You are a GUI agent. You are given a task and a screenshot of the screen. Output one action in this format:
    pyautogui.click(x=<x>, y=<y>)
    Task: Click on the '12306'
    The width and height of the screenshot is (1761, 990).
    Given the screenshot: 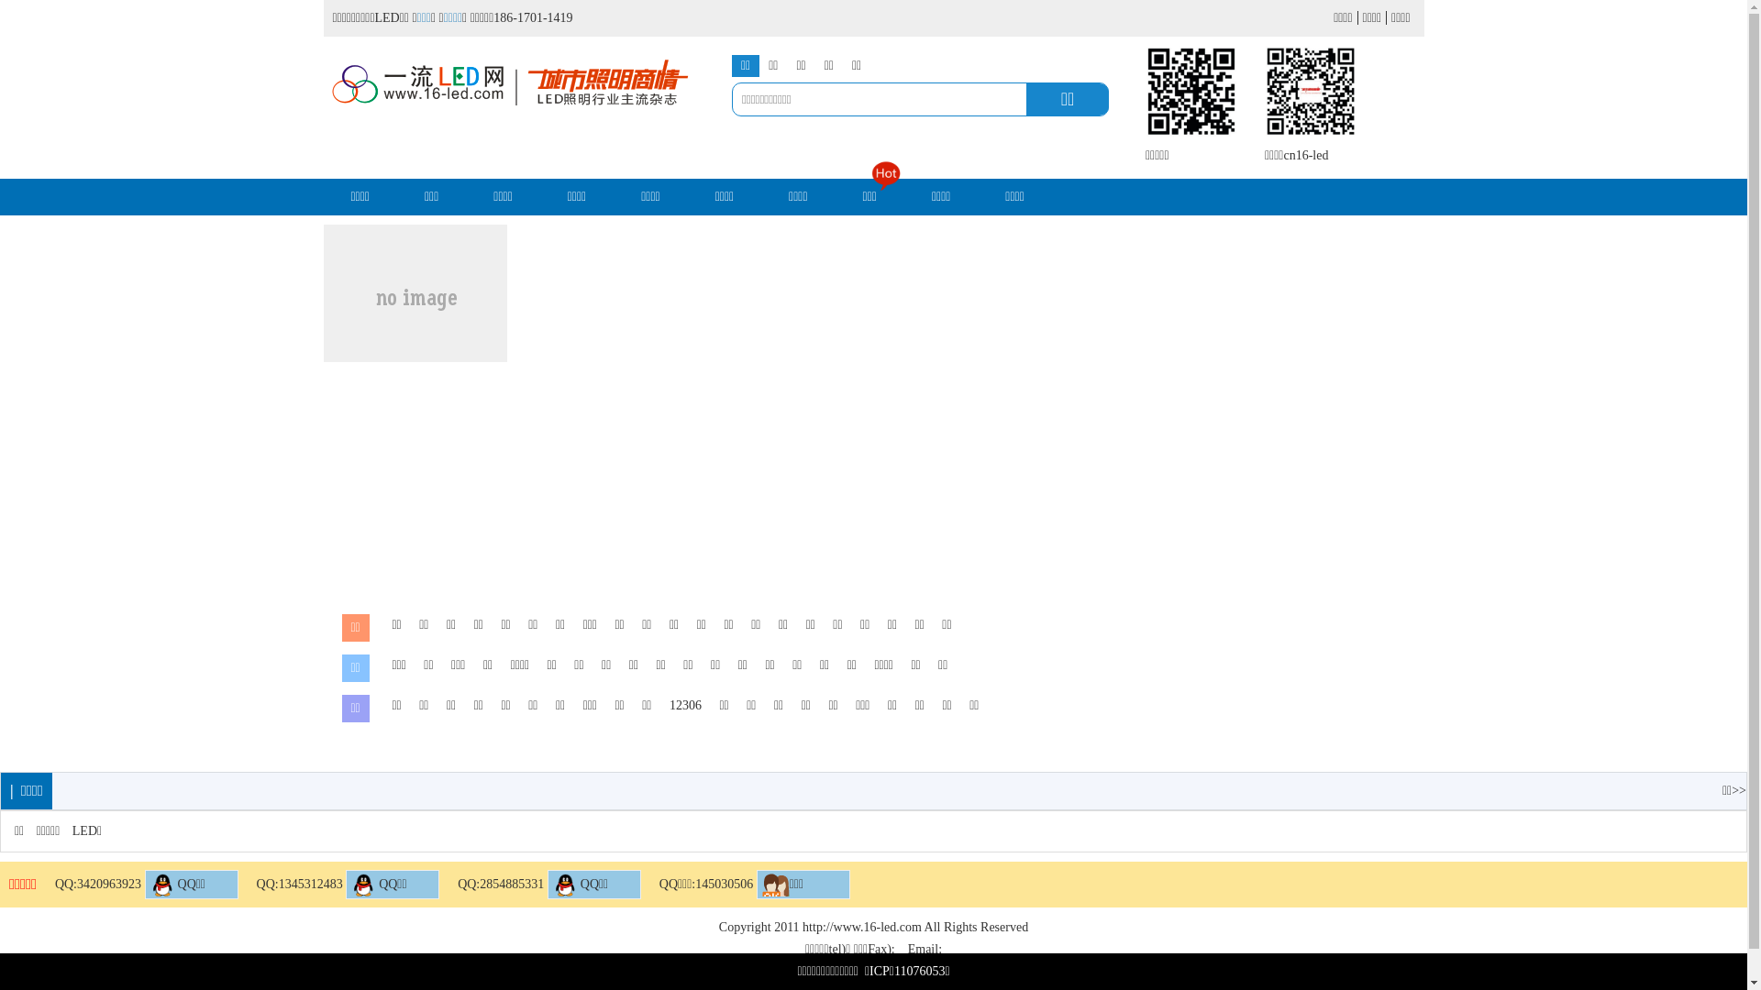 What is the action you would take?
    pyautogui.click(x=668, y=705)
    